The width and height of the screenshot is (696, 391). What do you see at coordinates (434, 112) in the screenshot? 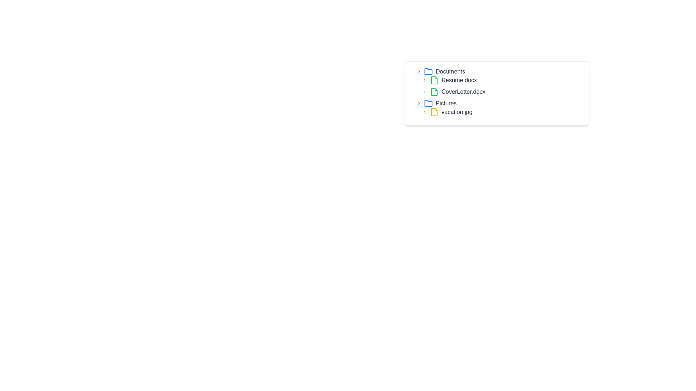
I see `the yellow file icon with a folded corner design located to the left of the text 'vacation.jpg'` at bounding box center [434, 112].